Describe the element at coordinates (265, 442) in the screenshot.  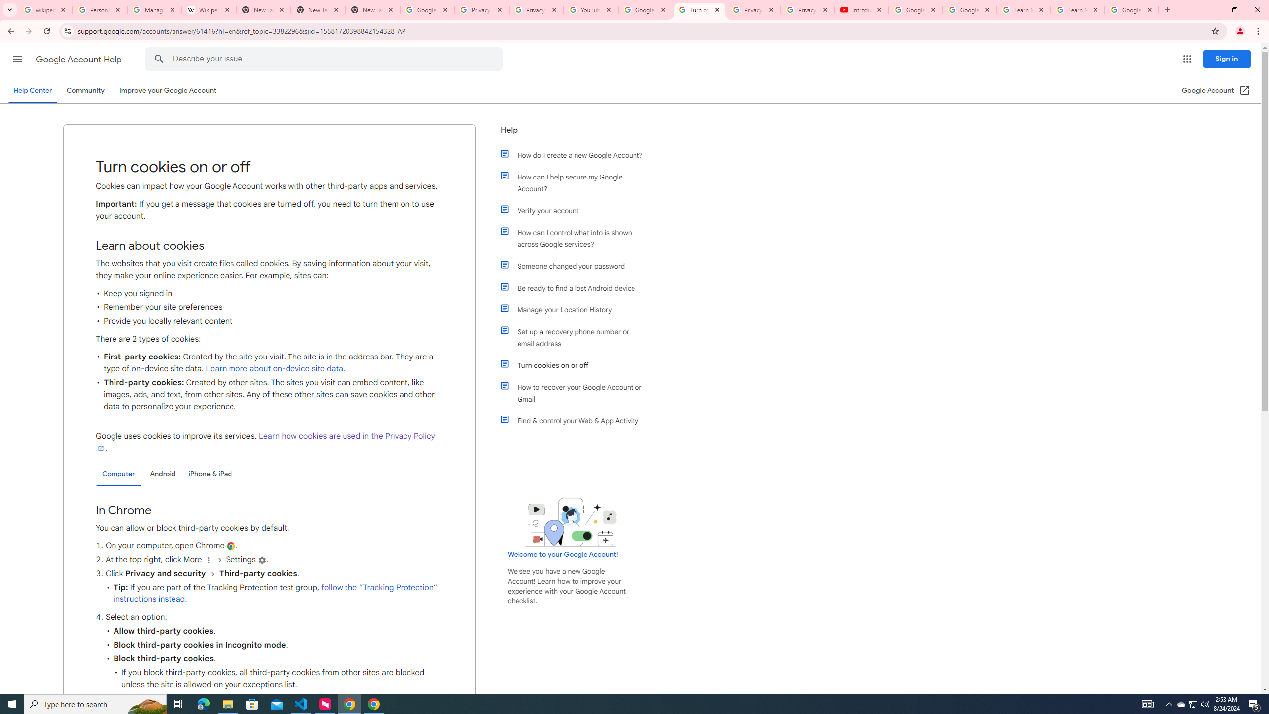
I see `'Learn how cookies are used in the Privacy Policy'` at that location.